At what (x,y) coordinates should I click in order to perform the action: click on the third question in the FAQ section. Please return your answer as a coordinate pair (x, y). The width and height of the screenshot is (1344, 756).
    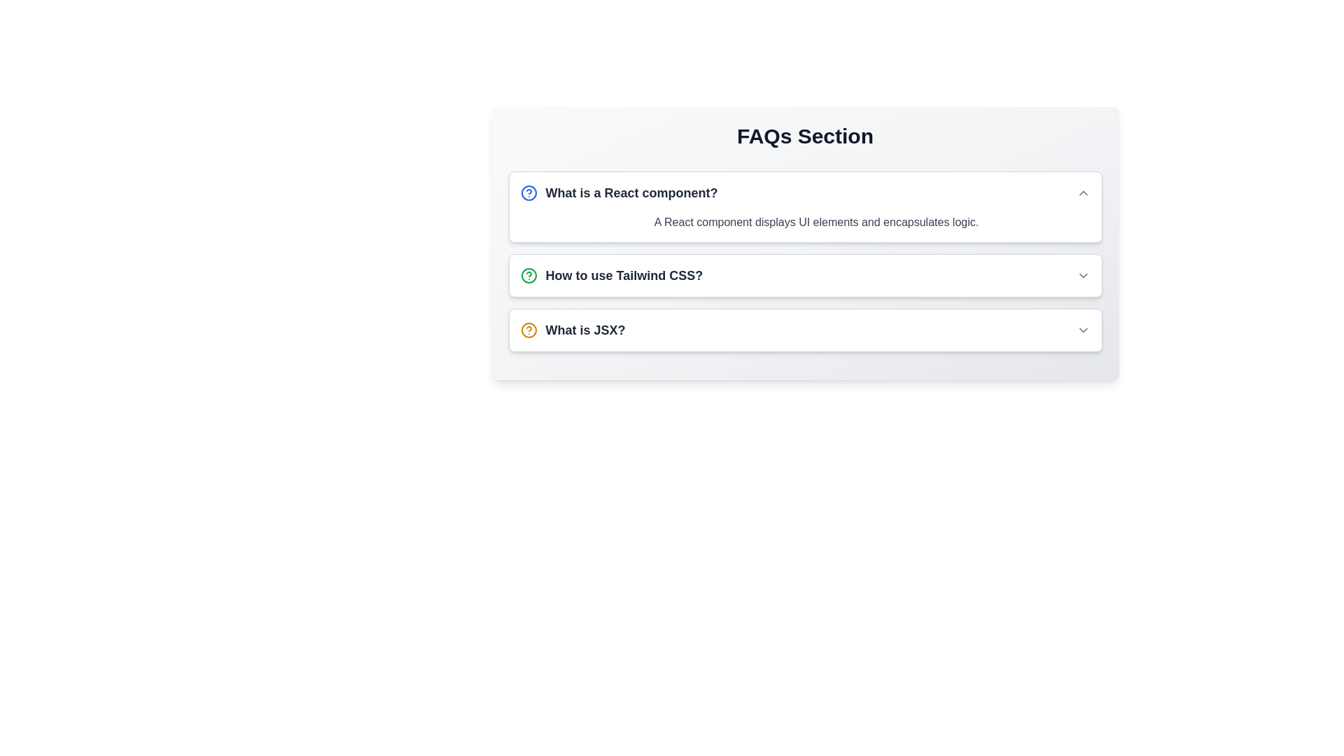
    Looking at the image, I should click on (805, 330).